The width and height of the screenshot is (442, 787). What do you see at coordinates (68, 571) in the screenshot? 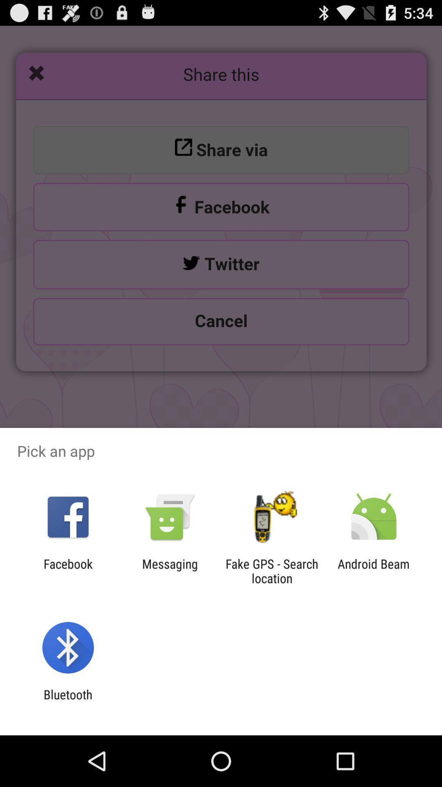
I see `the facebook icon` at bounding box center [68, 571].